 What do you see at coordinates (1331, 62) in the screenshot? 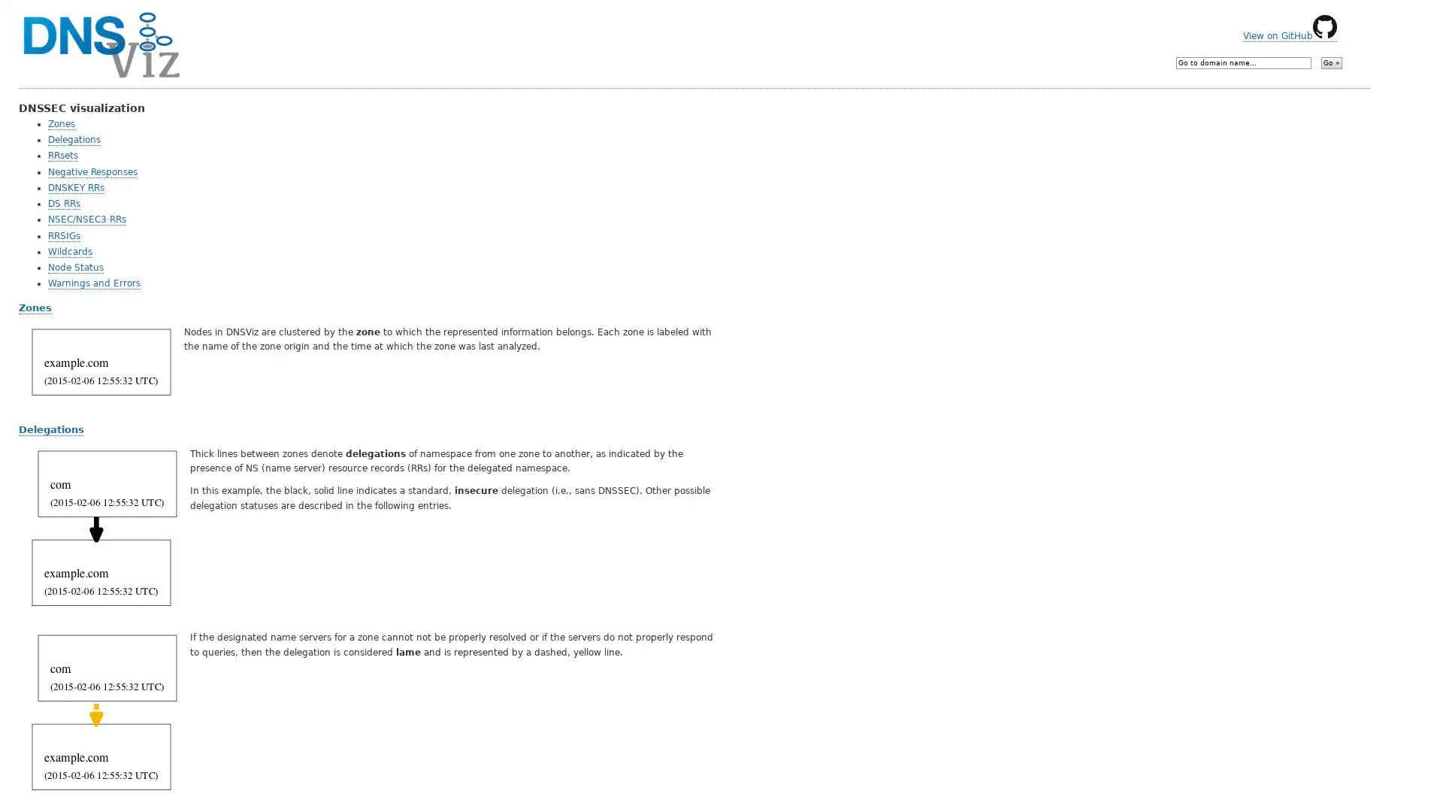
I see `Go` at bounding box center [1331, 62].